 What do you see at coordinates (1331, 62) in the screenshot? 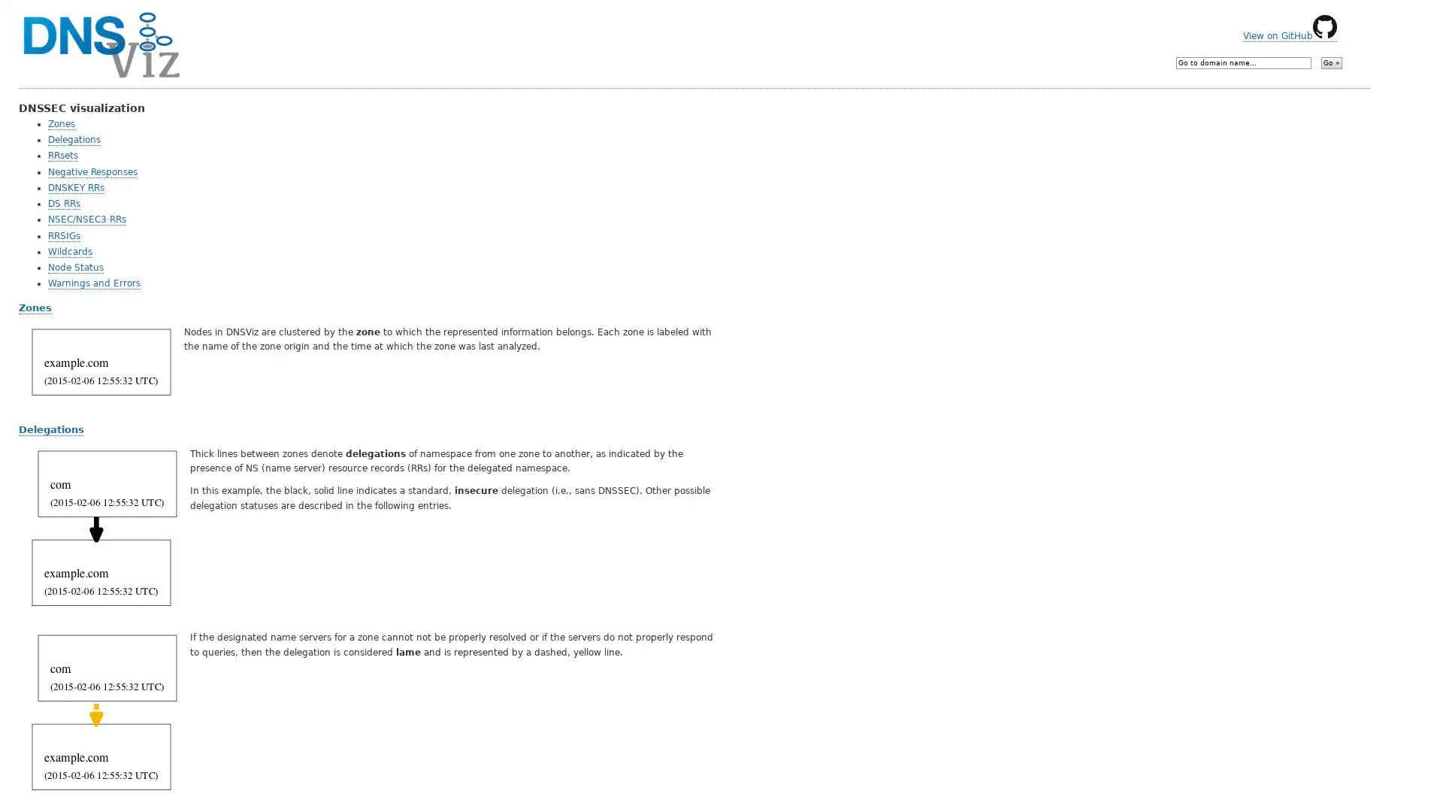
I see `Go` at bounding box center [1331, 62].